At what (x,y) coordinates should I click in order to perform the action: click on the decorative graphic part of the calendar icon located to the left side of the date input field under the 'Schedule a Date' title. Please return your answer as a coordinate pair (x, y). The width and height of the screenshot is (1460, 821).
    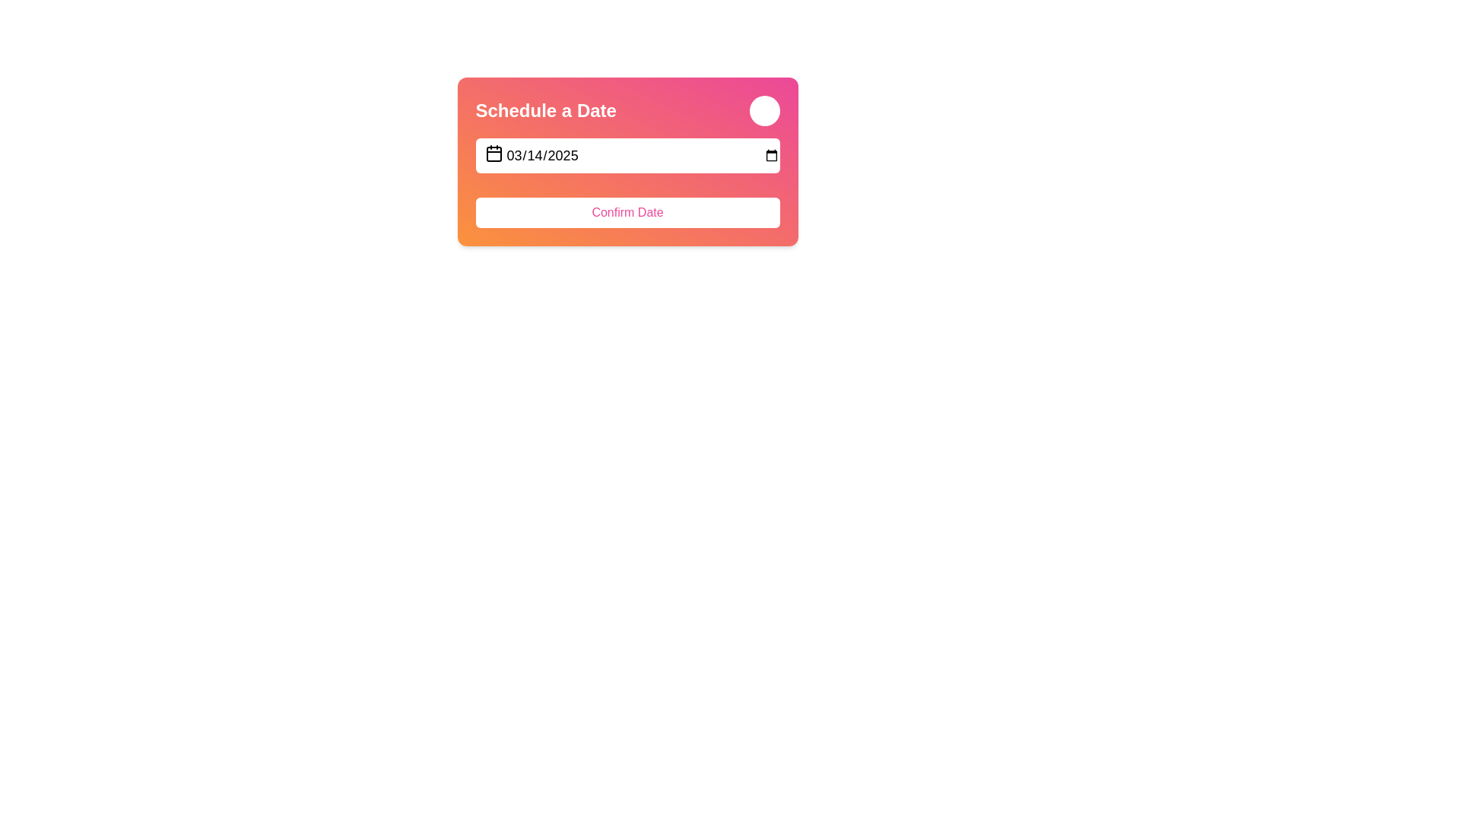
    Looking at the image, I should click on (494, 154).